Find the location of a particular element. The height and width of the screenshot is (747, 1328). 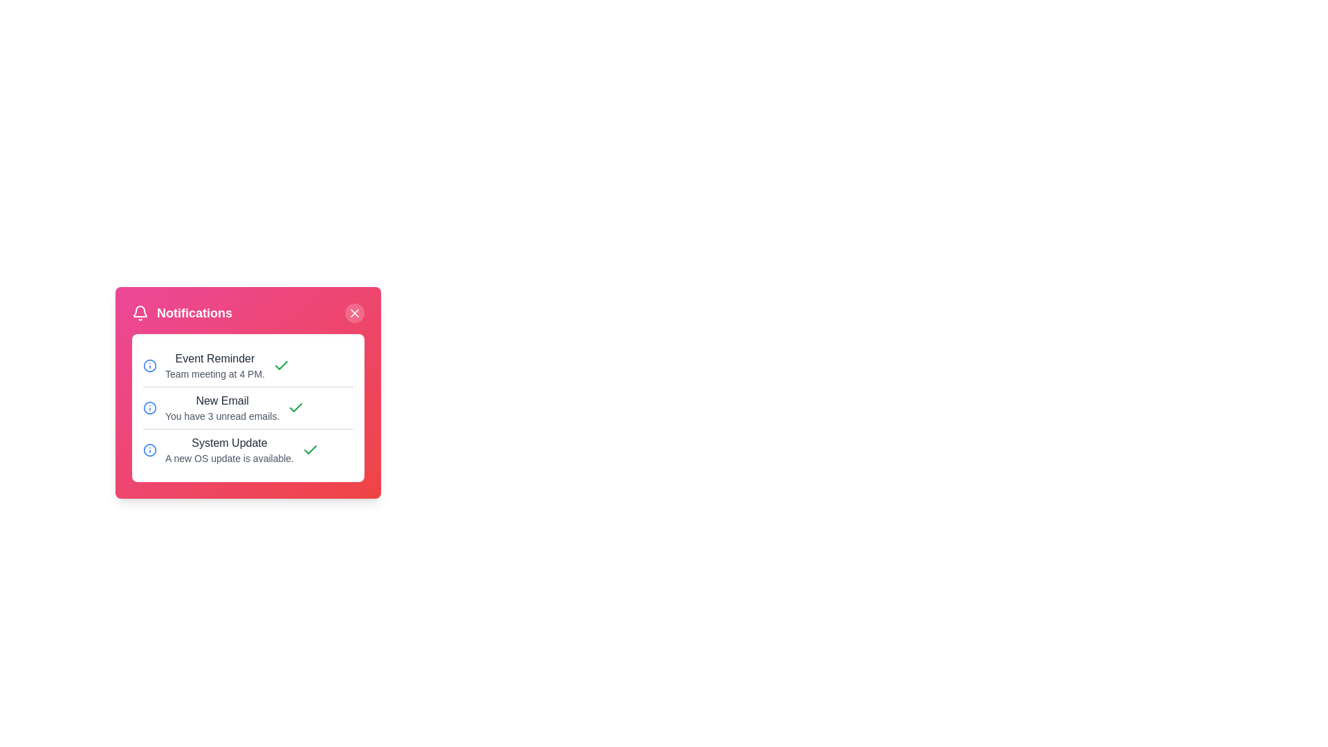

text label that provides a reminder for the 'Team meeting at 4 PM.' located in the notifications panel is located at coordinates (214, 365).